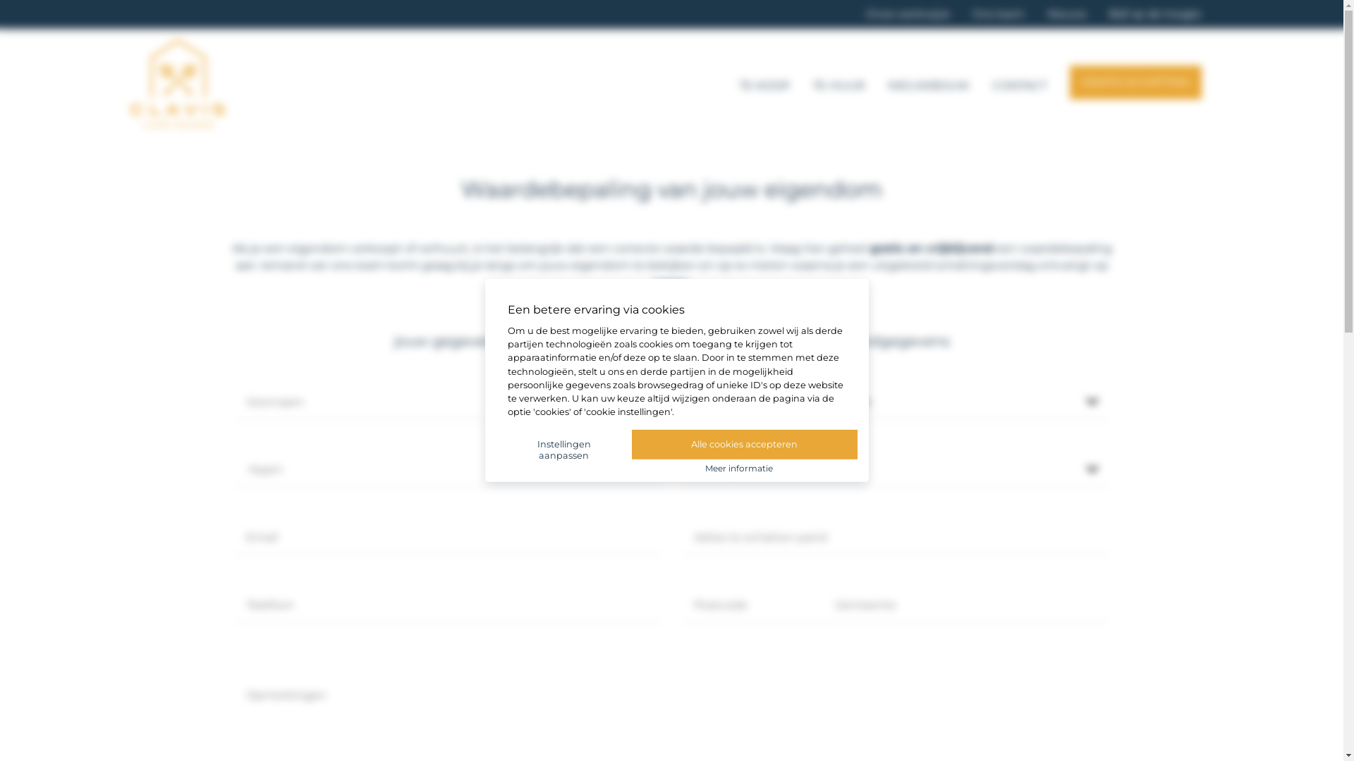 The height and width of the screenshot is (761, 1354). I want to click on 'NIEUWBOUW', so click(928, 83).